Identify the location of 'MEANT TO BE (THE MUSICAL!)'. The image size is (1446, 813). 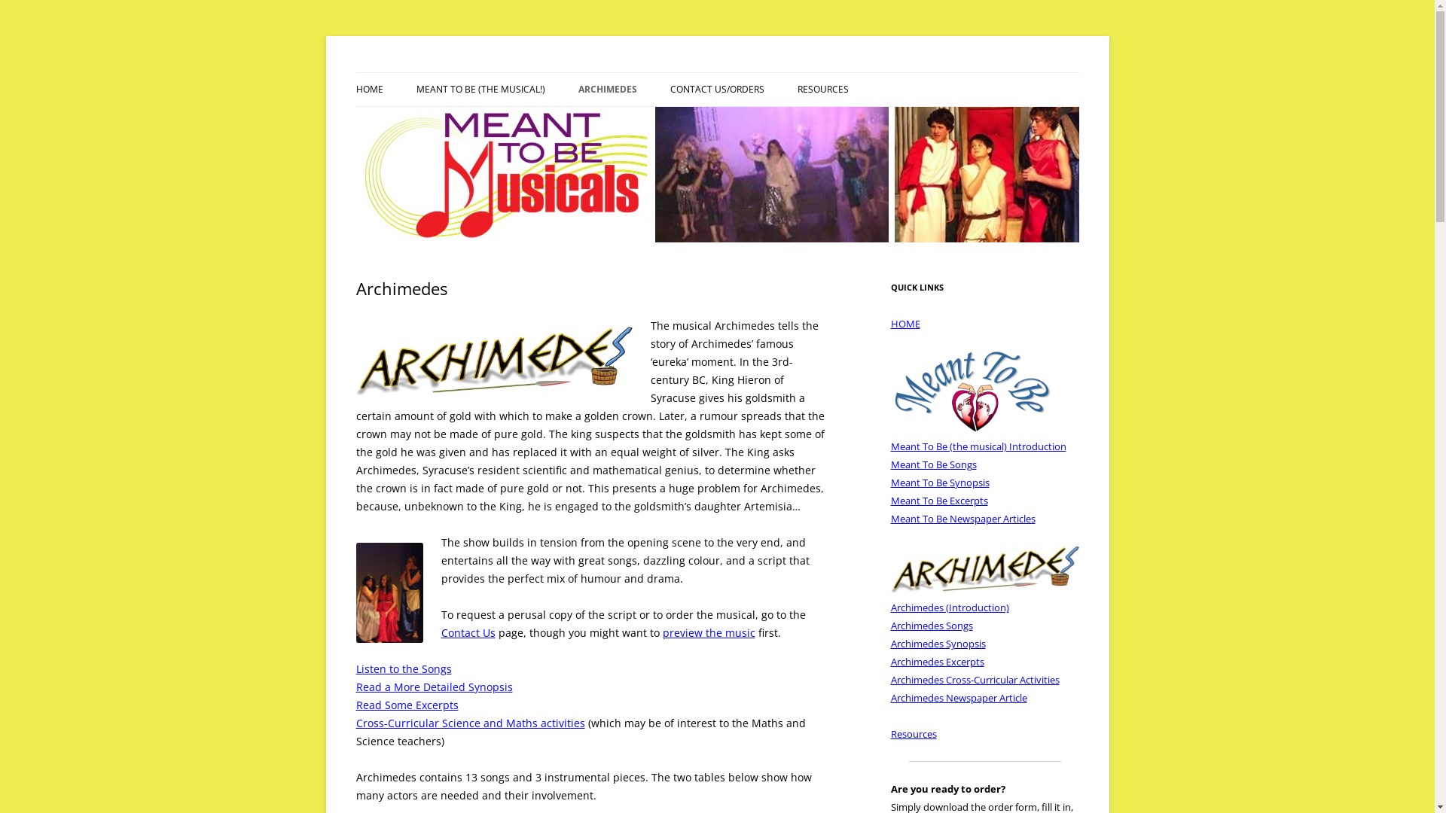
(479, 90).